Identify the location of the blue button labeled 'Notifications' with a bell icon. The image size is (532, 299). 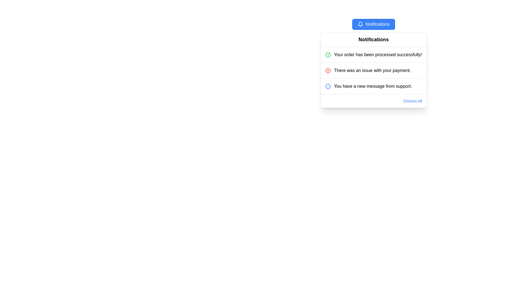
(374, 24).